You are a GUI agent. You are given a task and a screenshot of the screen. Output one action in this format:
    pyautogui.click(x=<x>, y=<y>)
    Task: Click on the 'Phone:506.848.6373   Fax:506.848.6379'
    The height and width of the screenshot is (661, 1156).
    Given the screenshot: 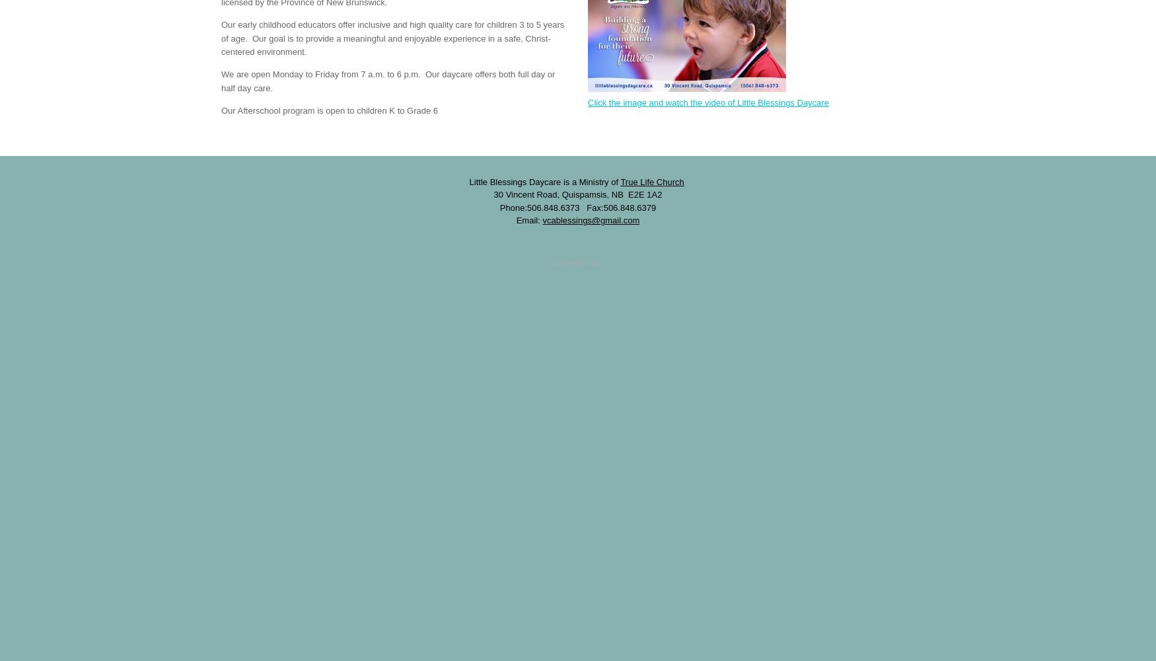 What is the action you would take?
    pyautogui.click(x=577, y=206)
    